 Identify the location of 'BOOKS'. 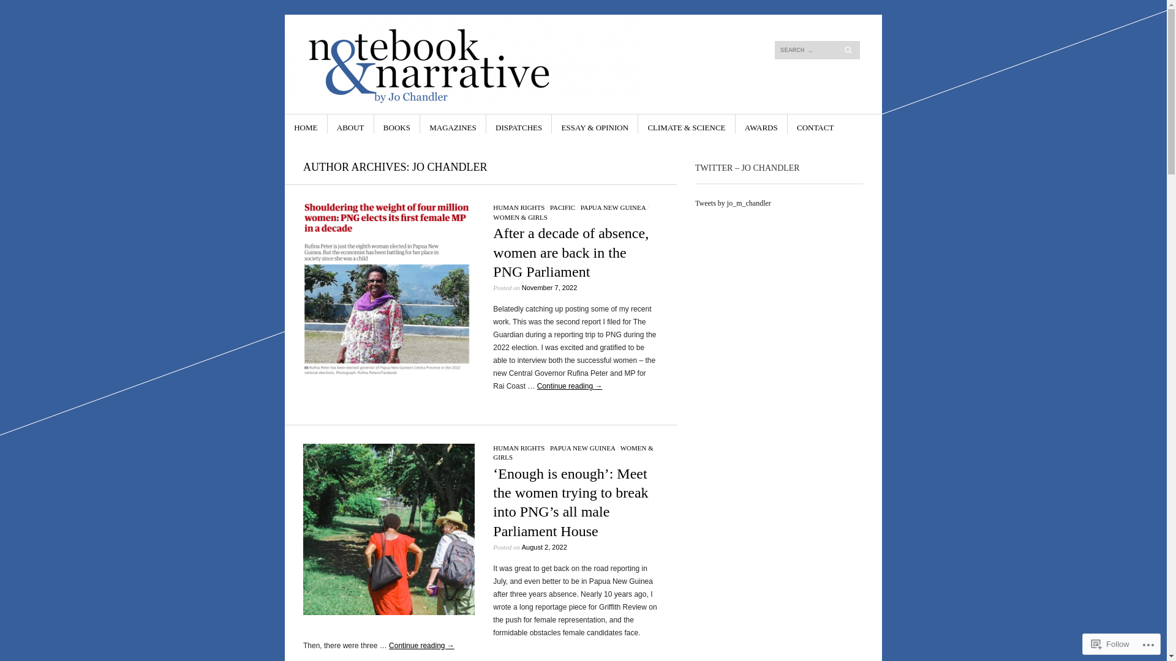
(397, 124).